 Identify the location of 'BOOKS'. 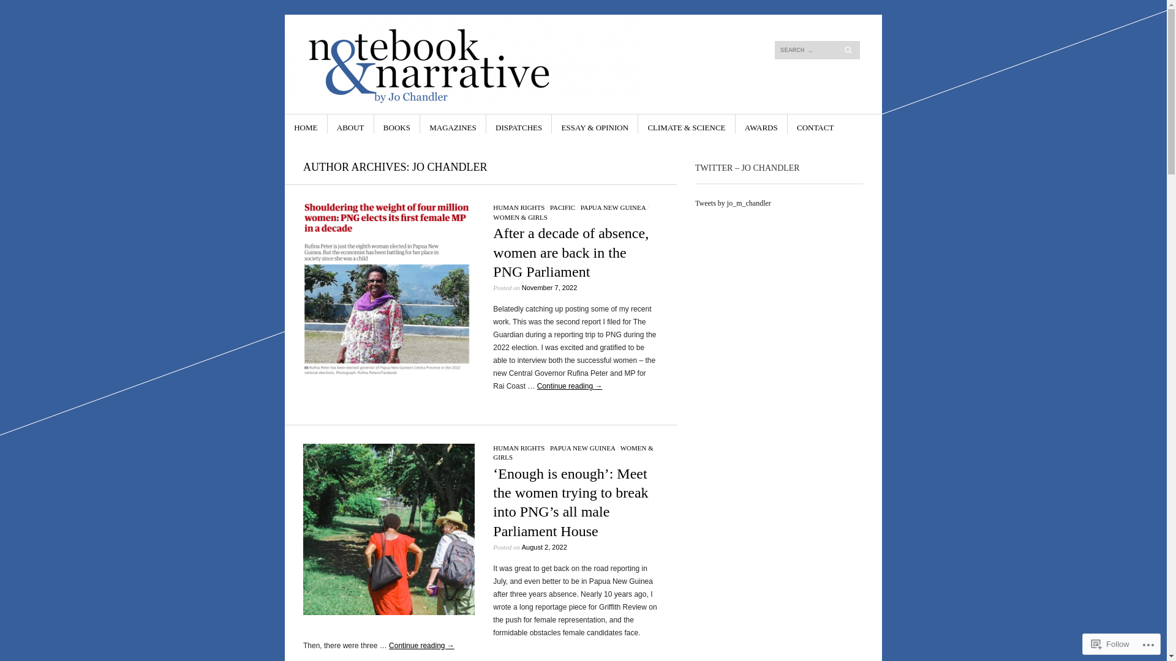
(397, 124).